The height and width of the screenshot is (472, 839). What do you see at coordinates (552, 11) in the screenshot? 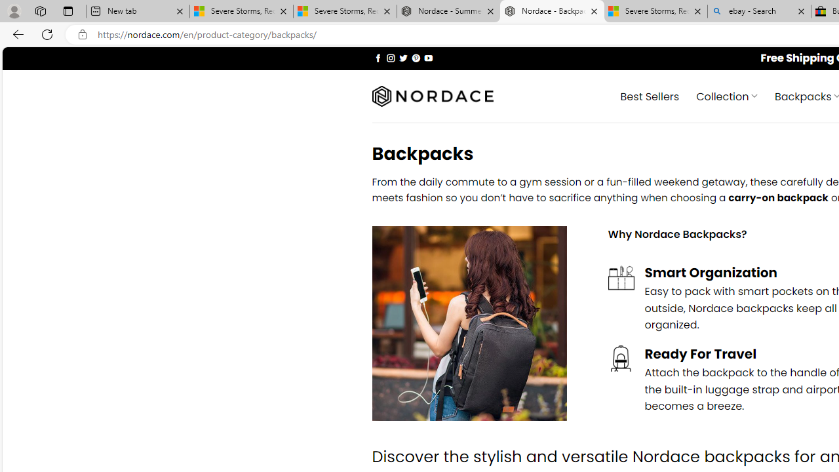
I see `'Nordace - Backpacks'` at bounding box center [552, 11].